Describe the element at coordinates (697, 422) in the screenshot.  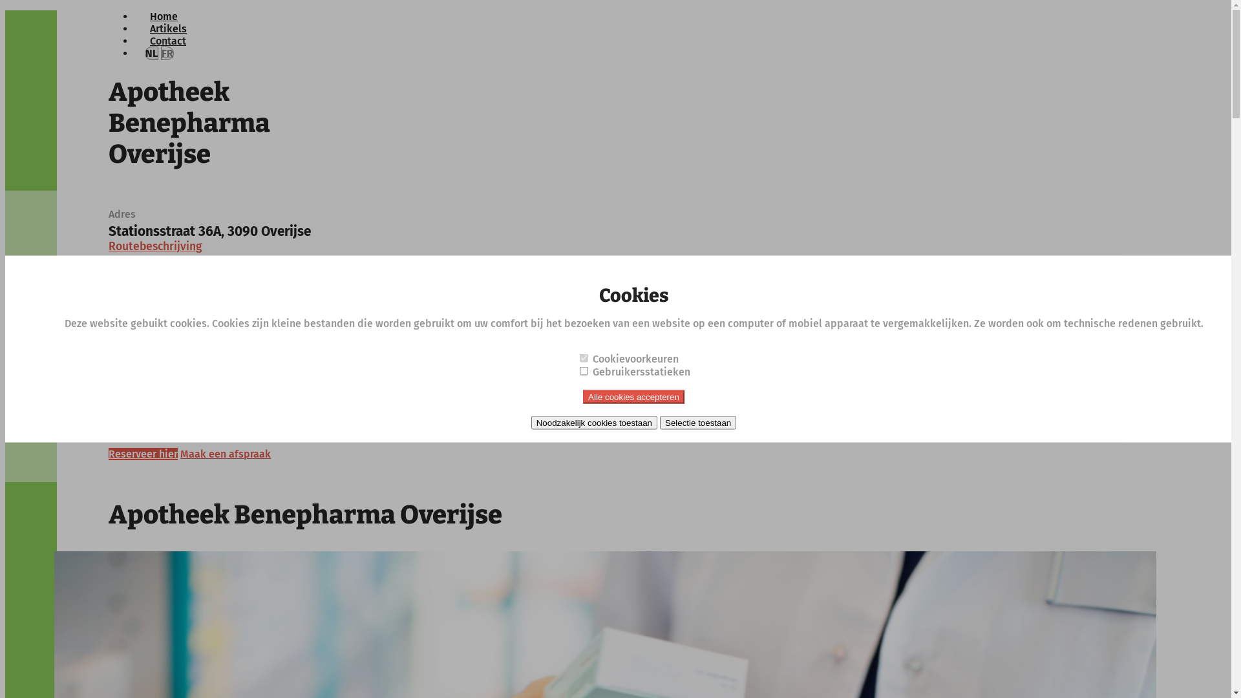
I see `'Selectie toestaan'` at that location.